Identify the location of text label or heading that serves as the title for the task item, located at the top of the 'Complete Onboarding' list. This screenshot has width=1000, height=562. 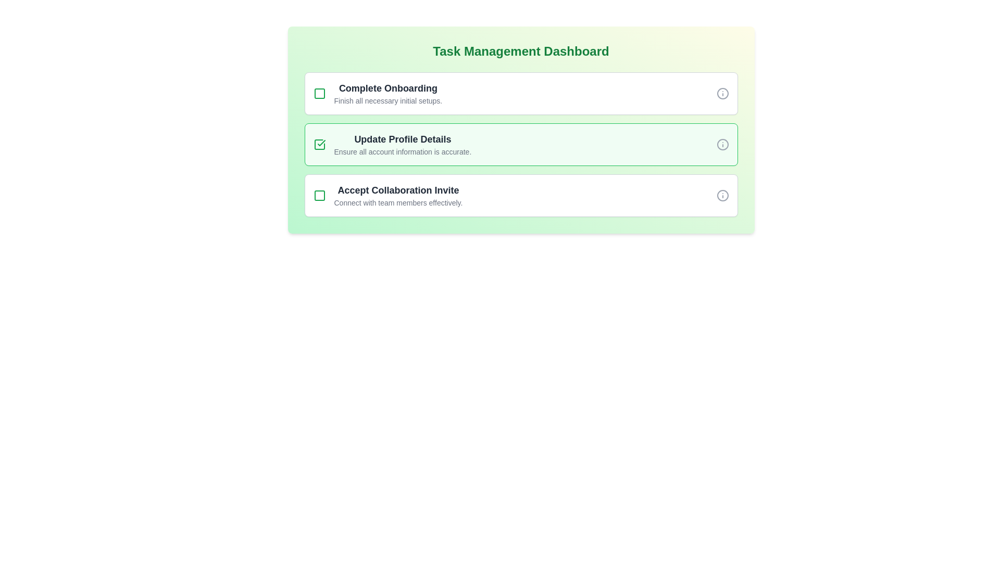
(387, 87).